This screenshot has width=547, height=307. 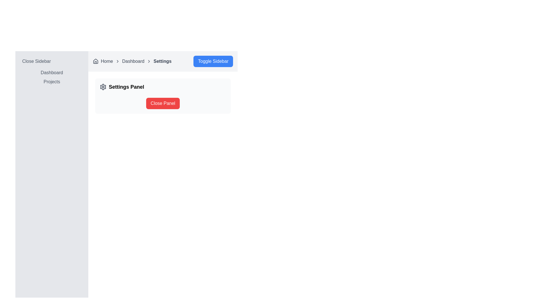 What do you see at coordinates (96, 61) in the screenshot?
I see `the 'Home' icon in the breadcrumb navigation bar, which is a small line-based design resembling a house, located at the far left before the text 'Home'` at bounding box center [96, 61].